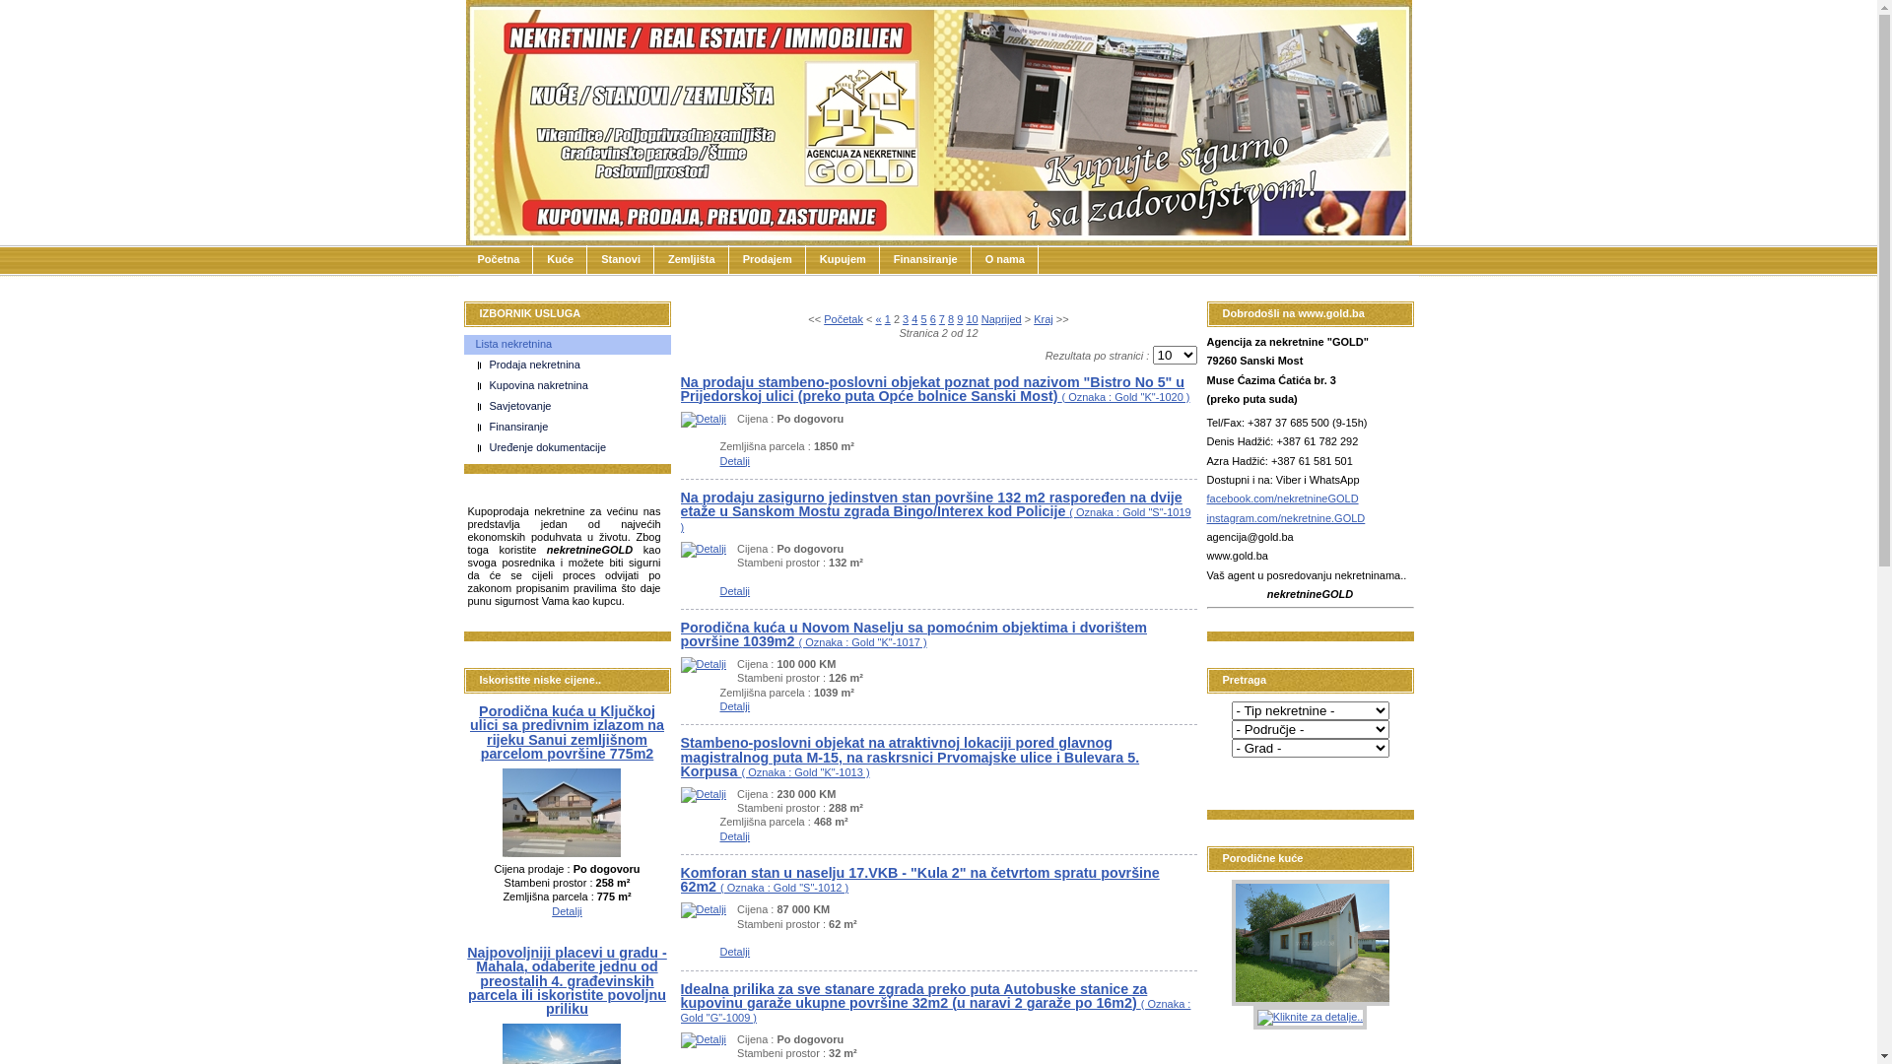 Image resolution: width=1892 pixels, height=1064 pixels. I want to click on 'Kupujem', so click(805, 258).